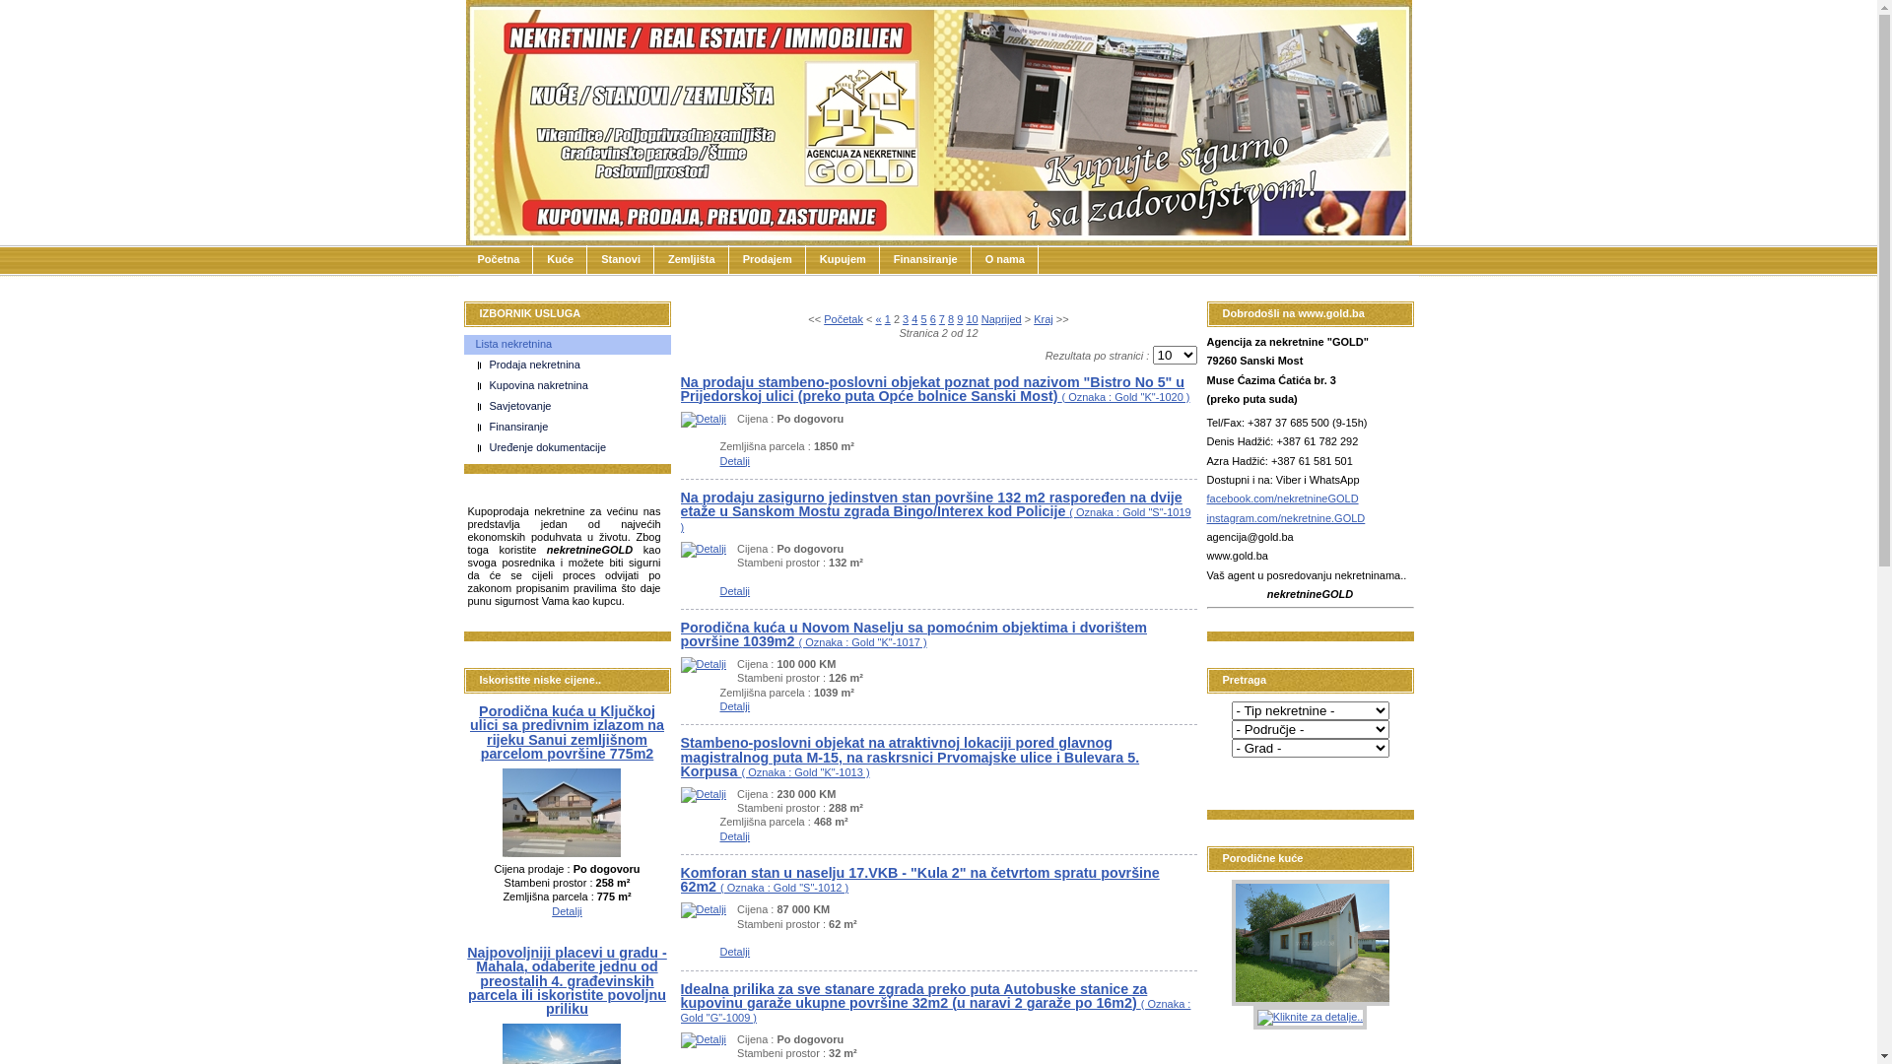 Image resolution: width=1892 pixels, height=1064 pixels. I want to click on 'Kupujem', so click(805, 258).